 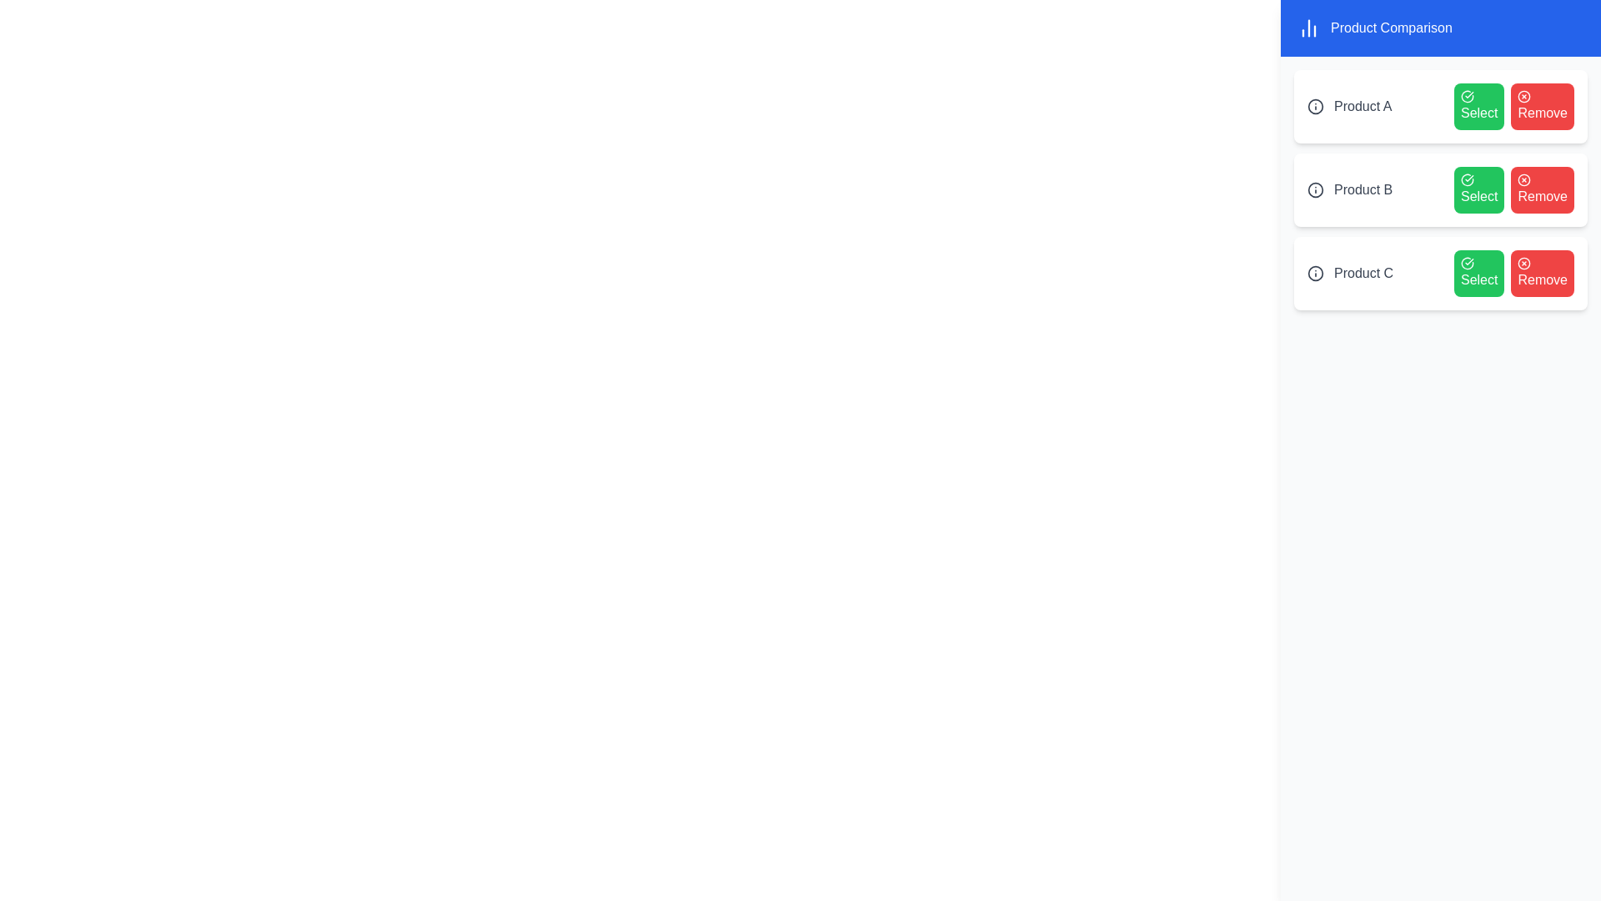 What do you see at coordinates (1479, 272) in the screenshot?
I see `the 'Select' button for Product C` at bounding box center [1479, 272].